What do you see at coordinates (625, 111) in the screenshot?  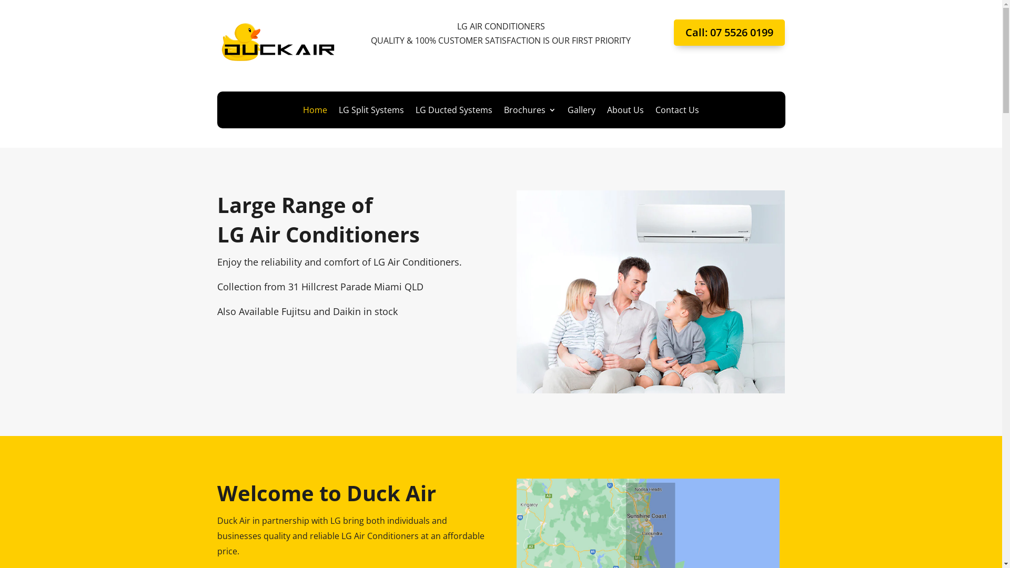 I see `'About Us'` at bounding box center [625, 111].